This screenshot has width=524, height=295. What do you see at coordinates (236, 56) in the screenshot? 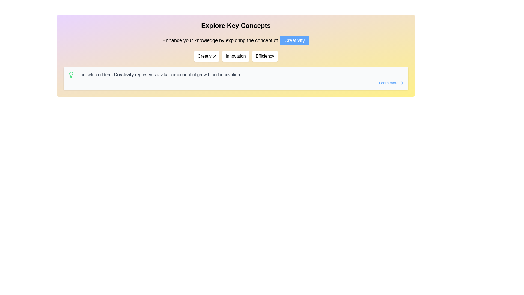
I see `the 'Innovation' button, which is a rectangular button with rounded corners, styled in a white background with the text 'Innovation' centered in dark color` at bounding box center [236, 56].